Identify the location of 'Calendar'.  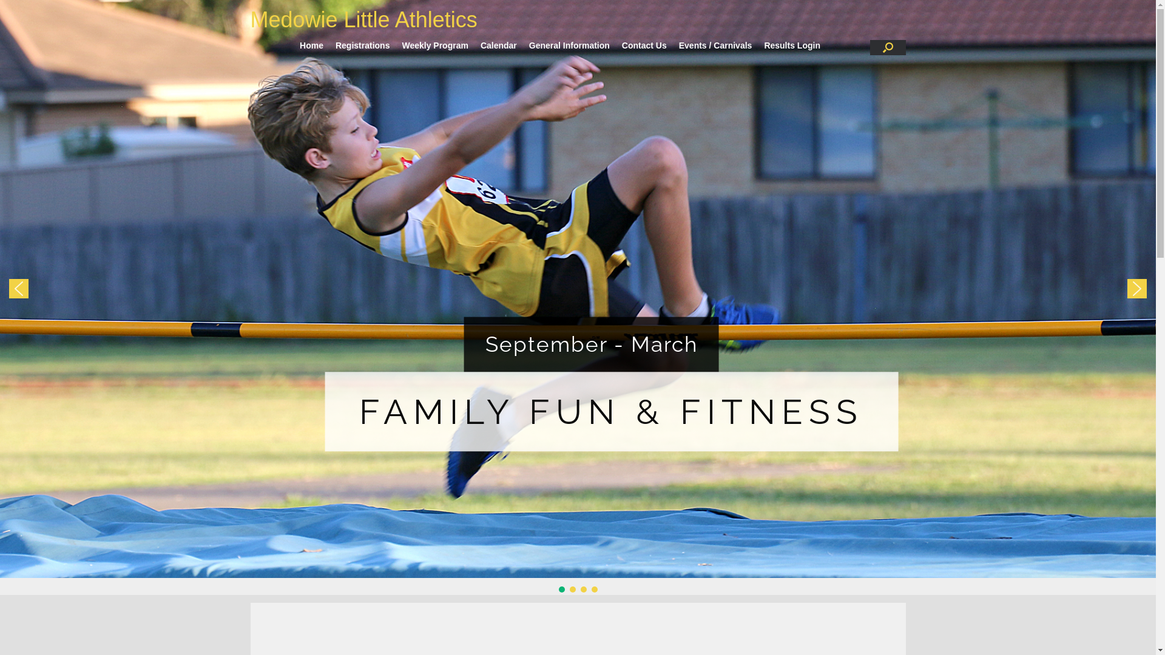
(498, 44).